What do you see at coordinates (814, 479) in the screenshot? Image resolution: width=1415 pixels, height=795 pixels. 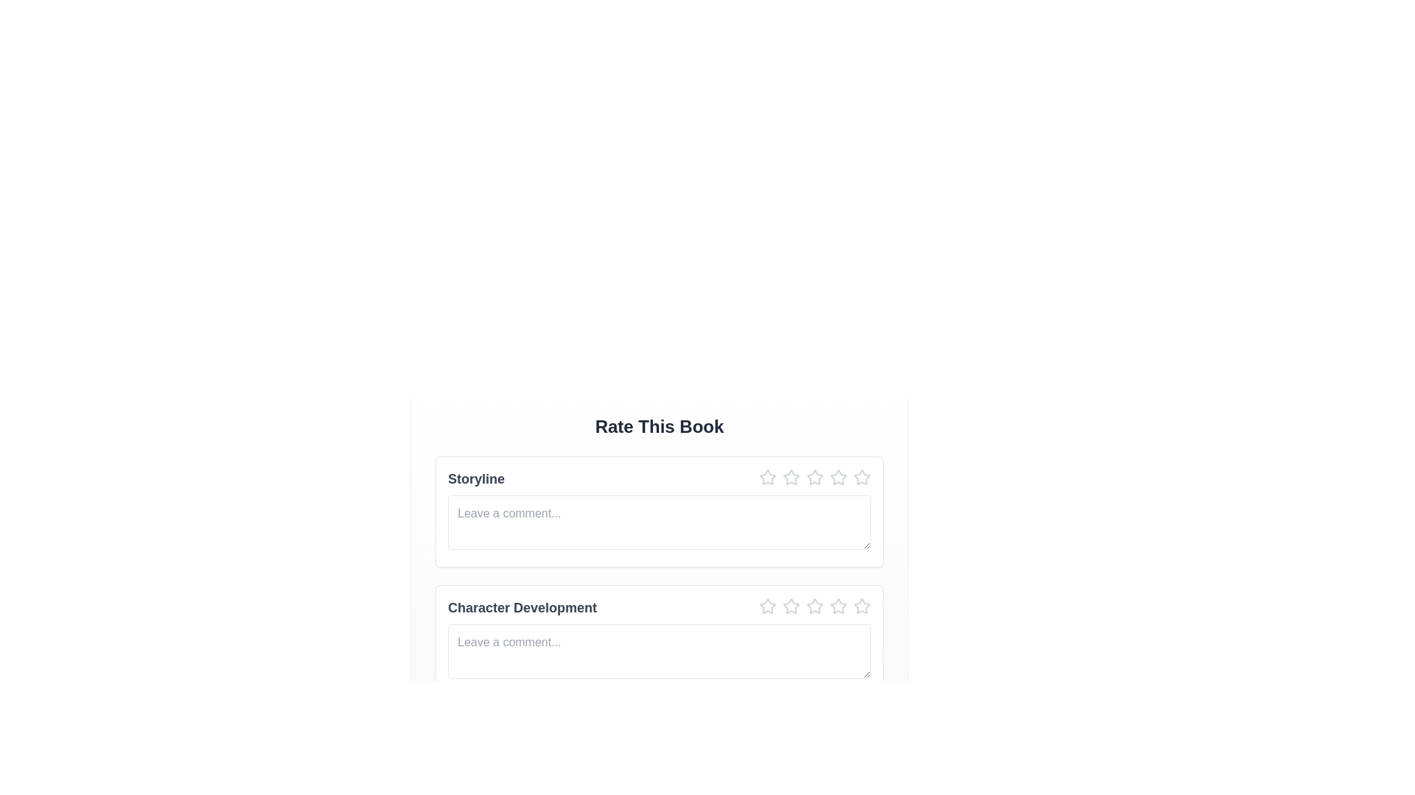 I see `the third star in the 'Storyline' rating section to rate it` at bounding box center [814, 479].